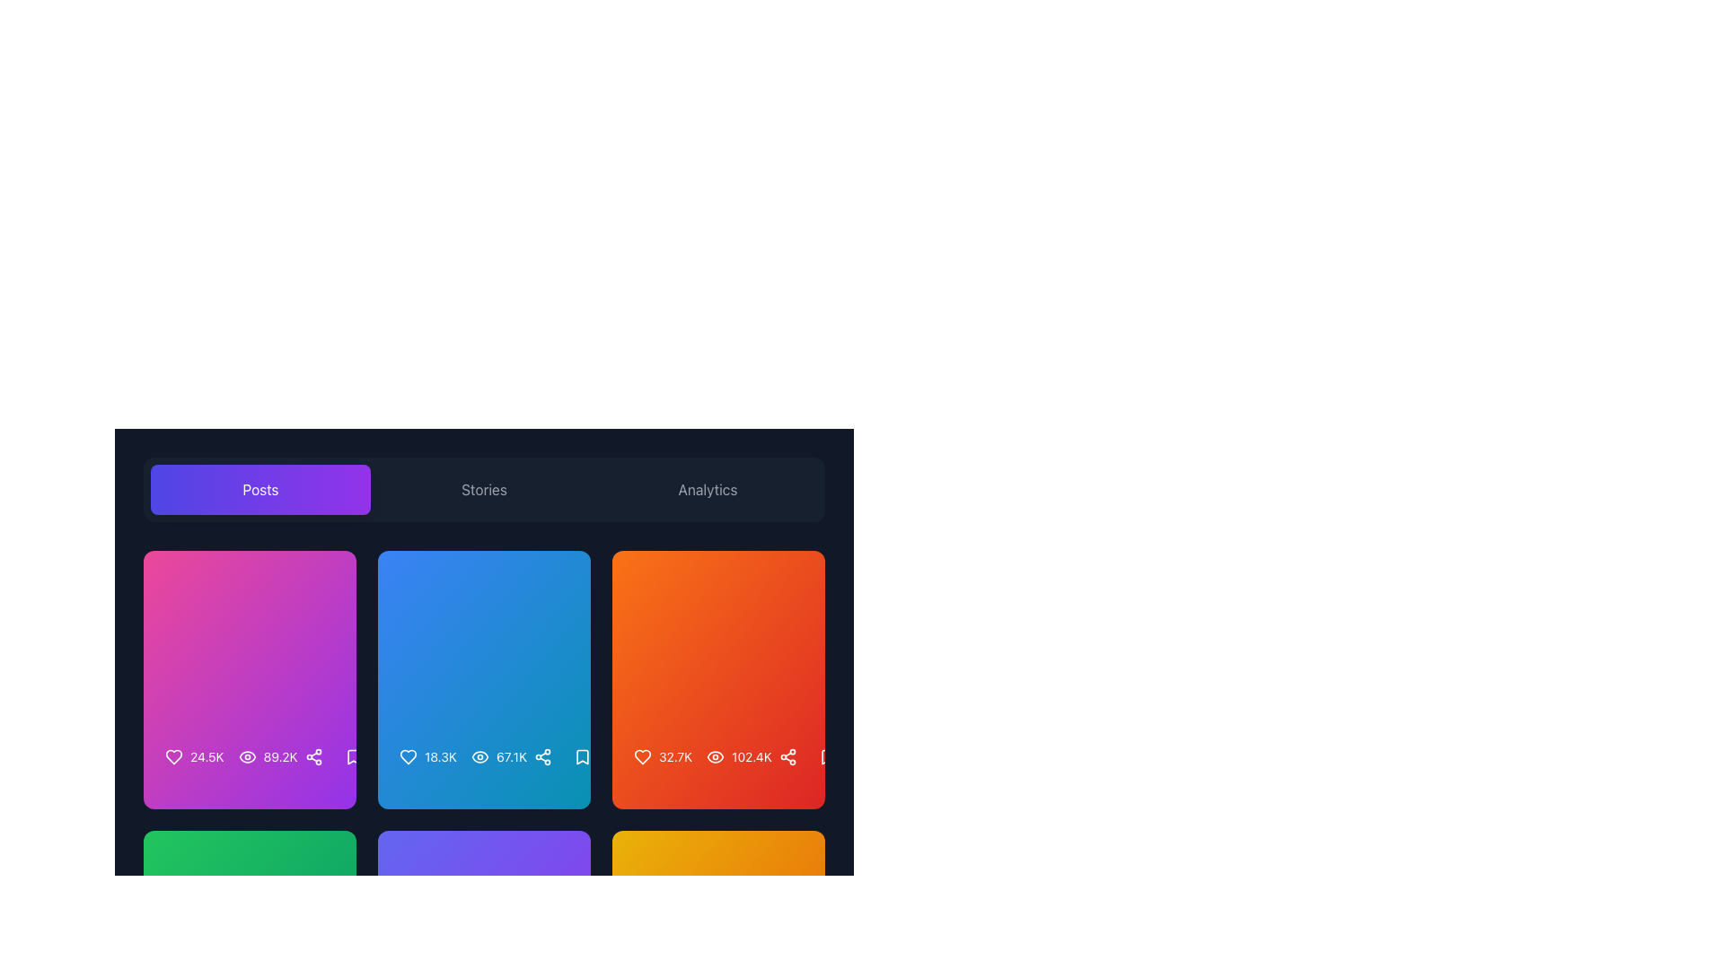 The width and height of the screenshot is (1724, 969). Describe the element at coordinates (642, 757) in the screenshot. I see `the heart-like icon located at the lower region of the orange rectangular card` at that location.